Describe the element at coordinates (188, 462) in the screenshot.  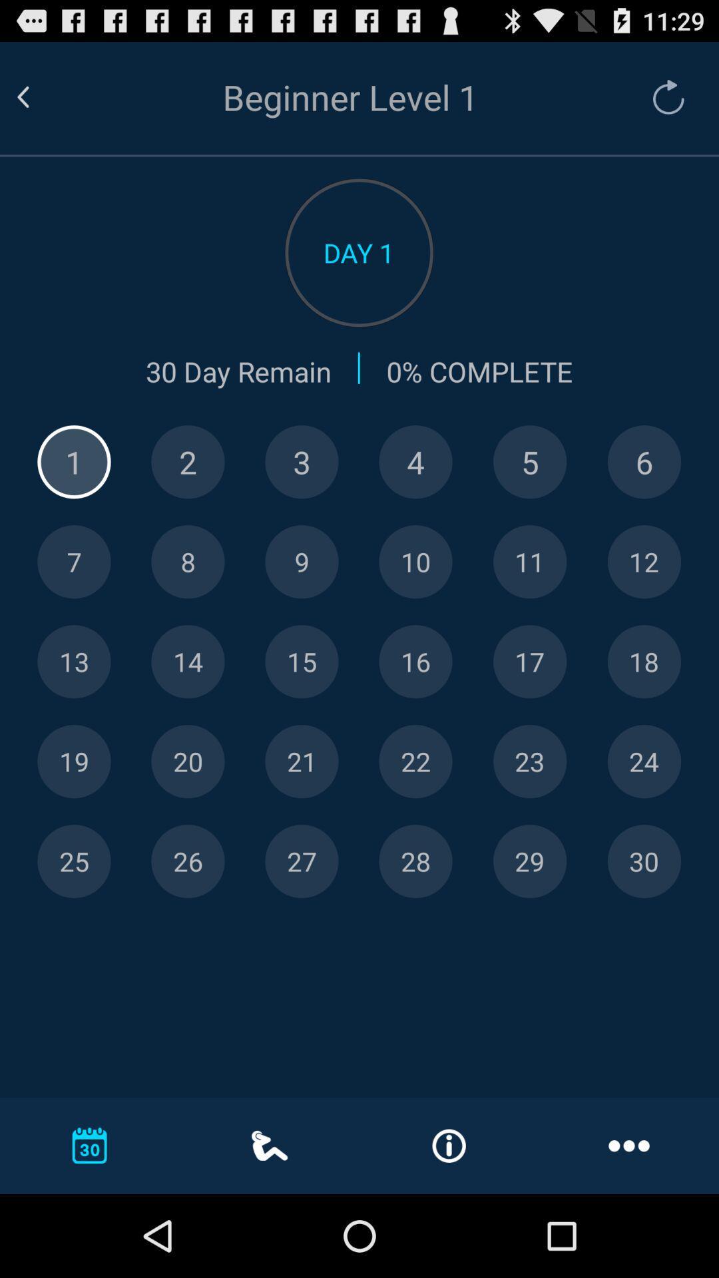
I see `day 2` at that location.